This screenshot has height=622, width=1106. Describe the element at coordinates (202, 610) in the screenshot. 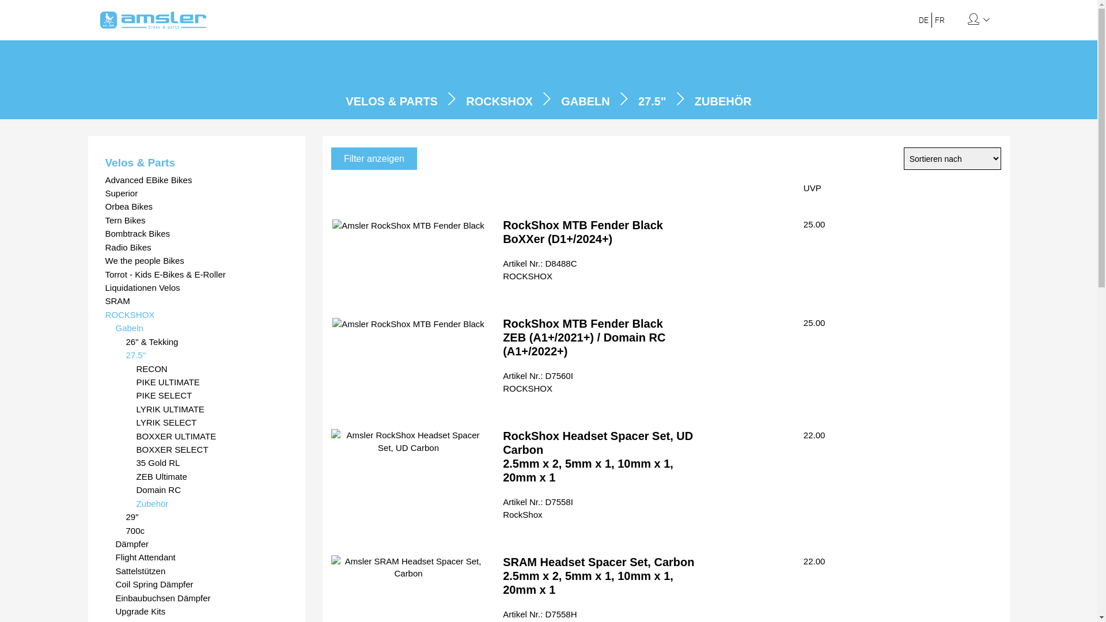

I see `'Upgrade Kits'` at that location.